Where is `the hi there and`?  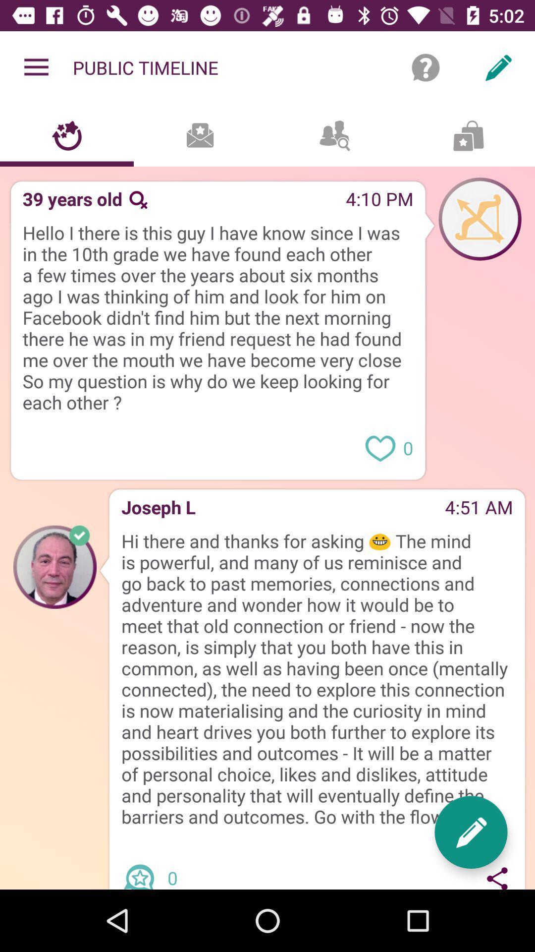
the hi there and is located at coordinates (317, 678).